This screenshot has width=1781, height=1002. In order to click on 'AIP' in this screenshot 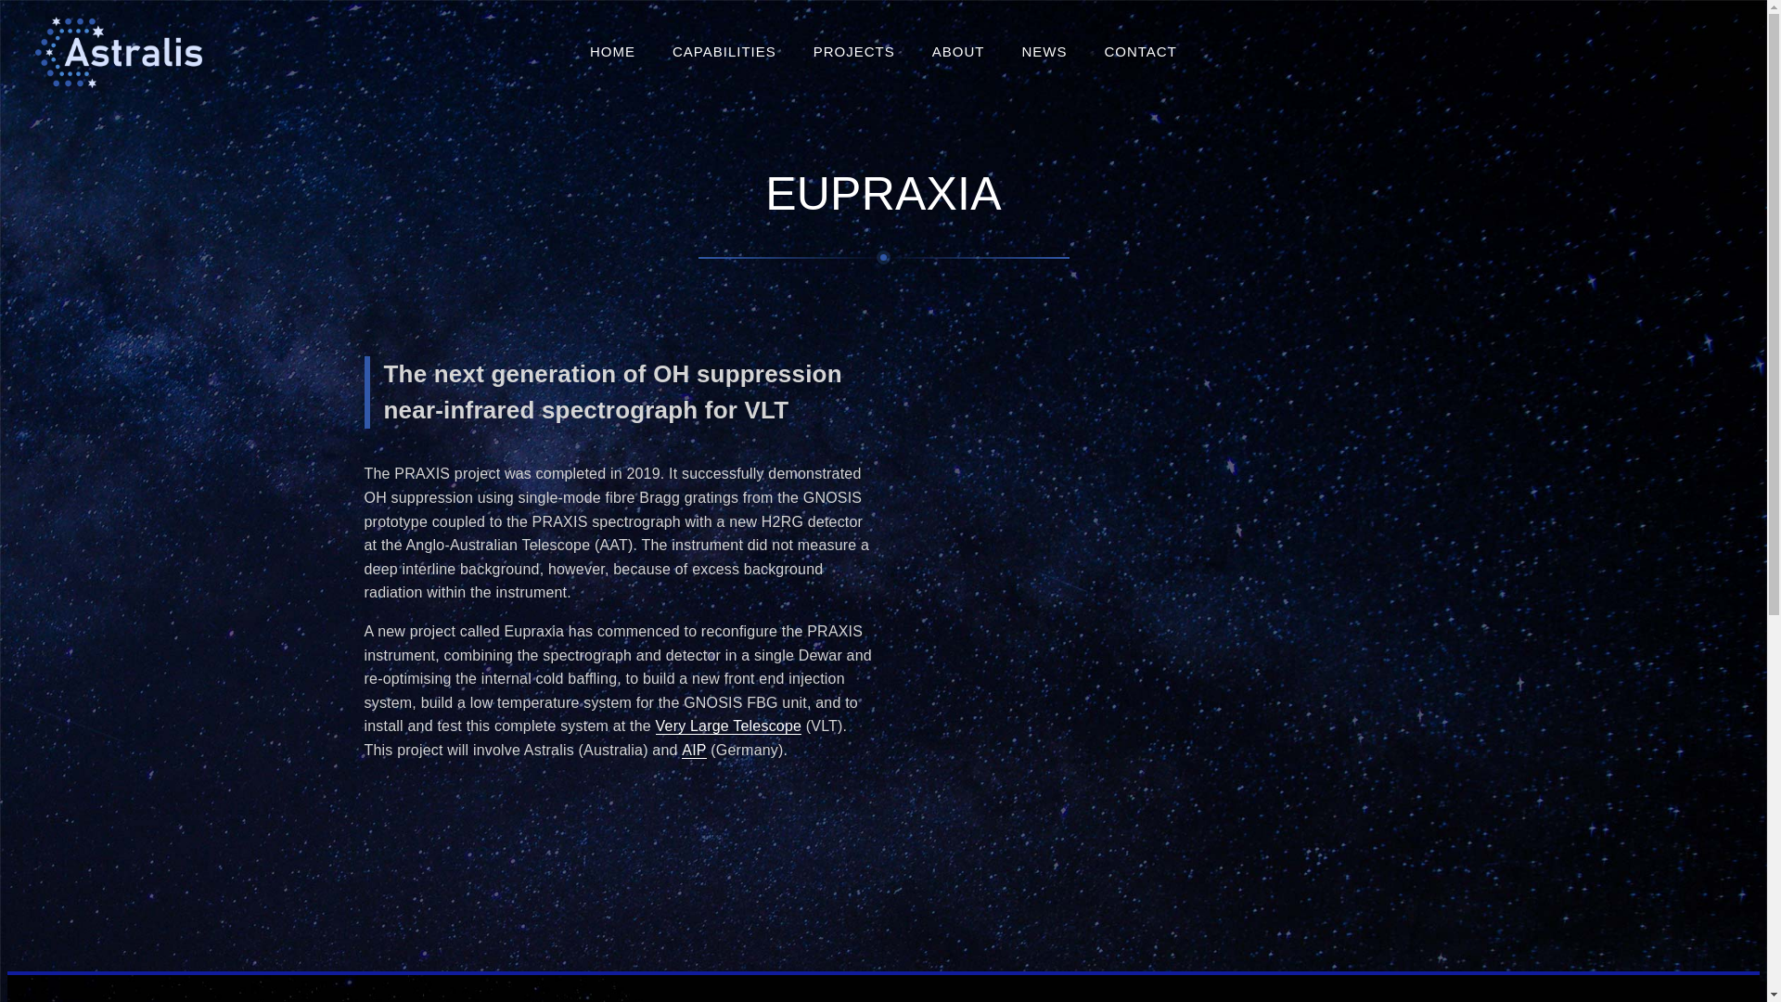, I will do `click(693, 750)`.